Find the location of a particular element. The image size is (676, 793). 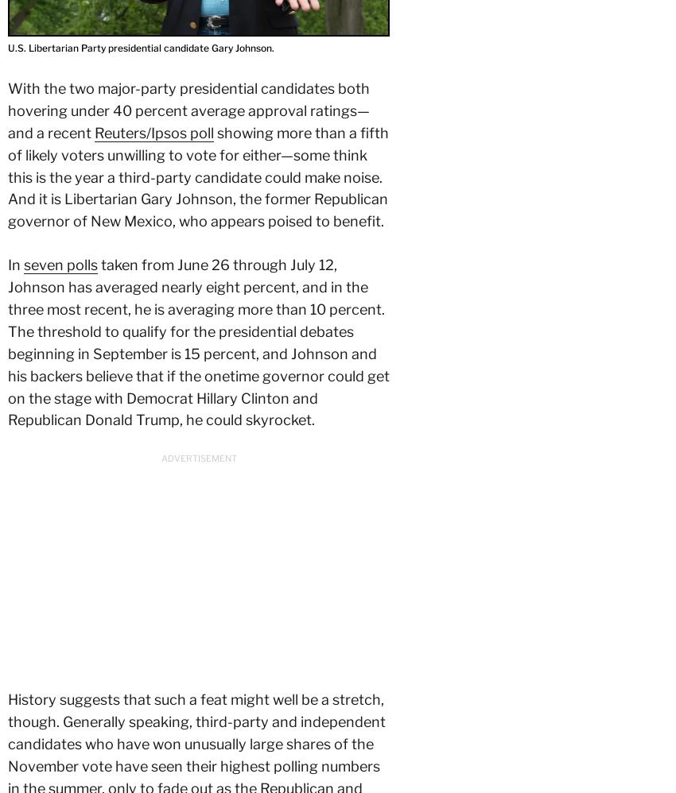

'Cliston Brown is a communications executive and political analyst in the San Francisco Bay Area who previously served as director of communications to a longtime Democratic Representative in Washington, D.C. Follow him on Twitter (@ClistonBrown) and visit his website at' is located at coordinates (196, 207).